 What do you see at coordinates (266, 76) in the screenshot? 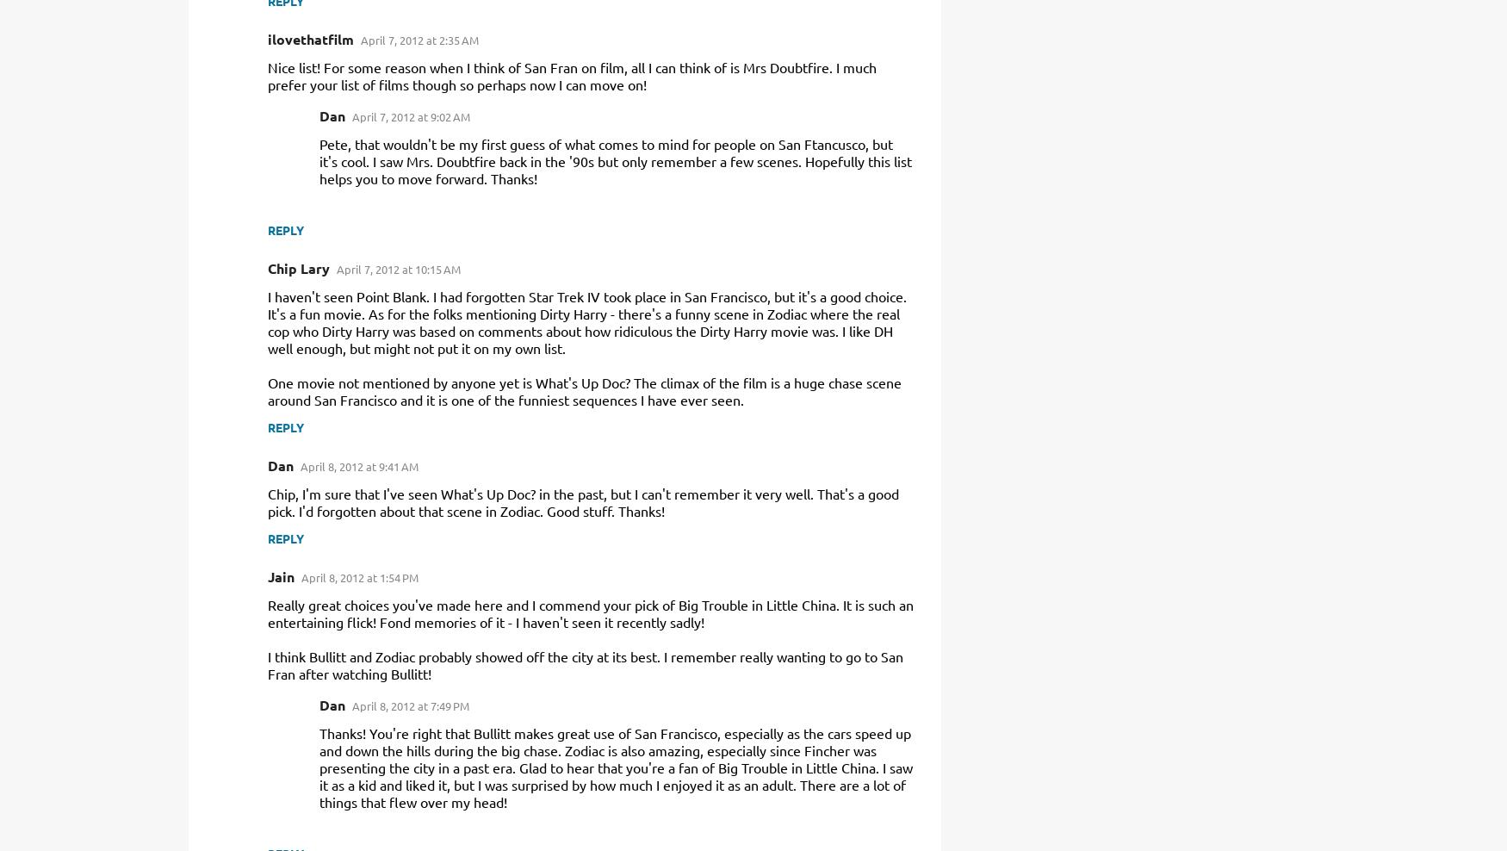
I see `'Nice list!  For some reason when I think of San Fran on film, all I can think of is Mrs Doubtfire.  I much prefer your list of films though so perhaps now I can move on!'` at bounding box center [266, 76].